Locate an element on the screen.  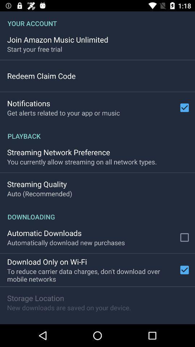
the storage location item is located at coordinates (35, 298).